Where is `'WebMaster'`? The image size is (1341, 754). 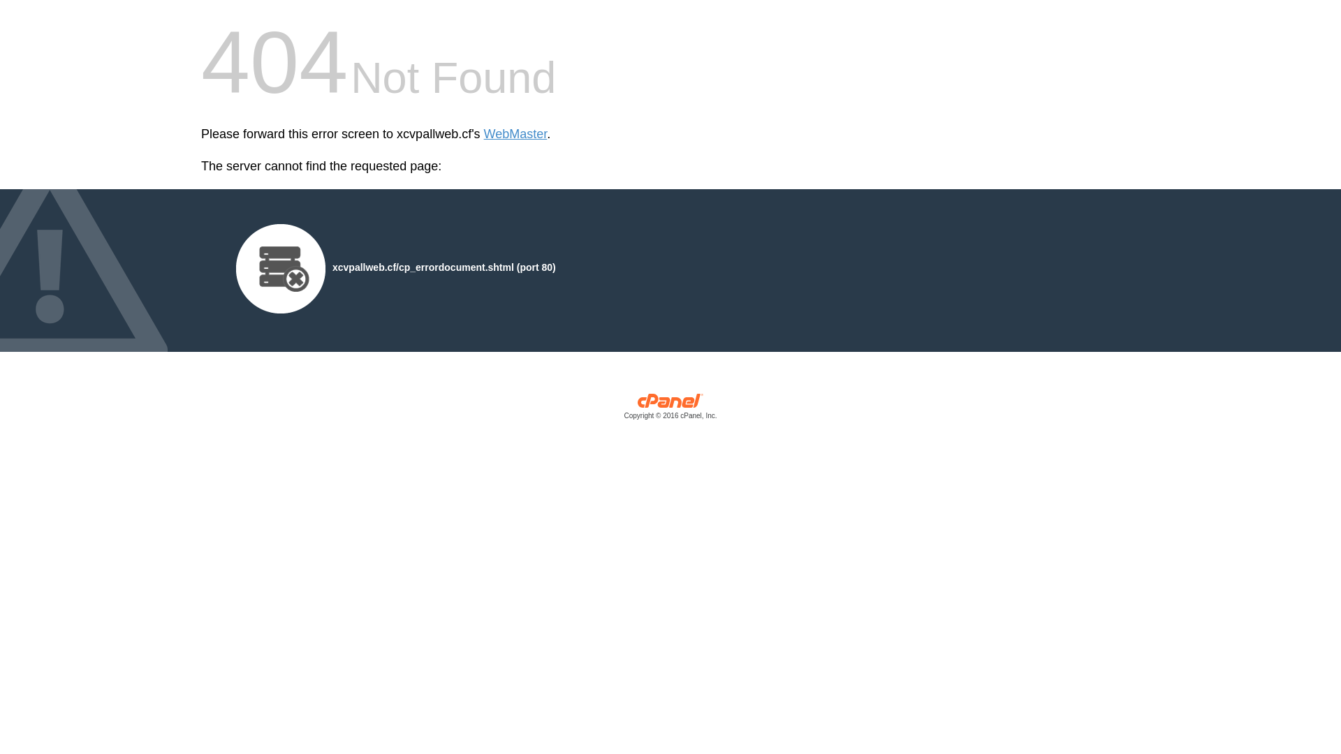
'WebMaster' is located at coordinates (515, 134).